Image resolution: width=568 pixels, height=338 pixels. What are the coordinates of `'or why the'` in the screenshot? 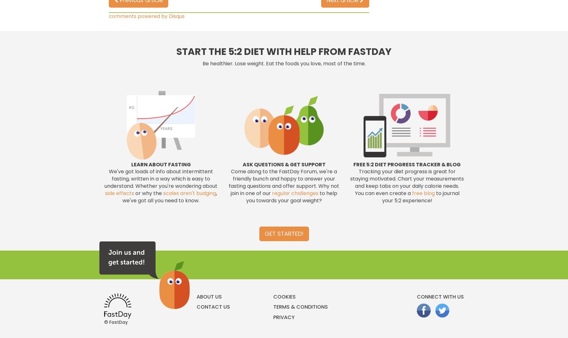 It's located at (148, 193).